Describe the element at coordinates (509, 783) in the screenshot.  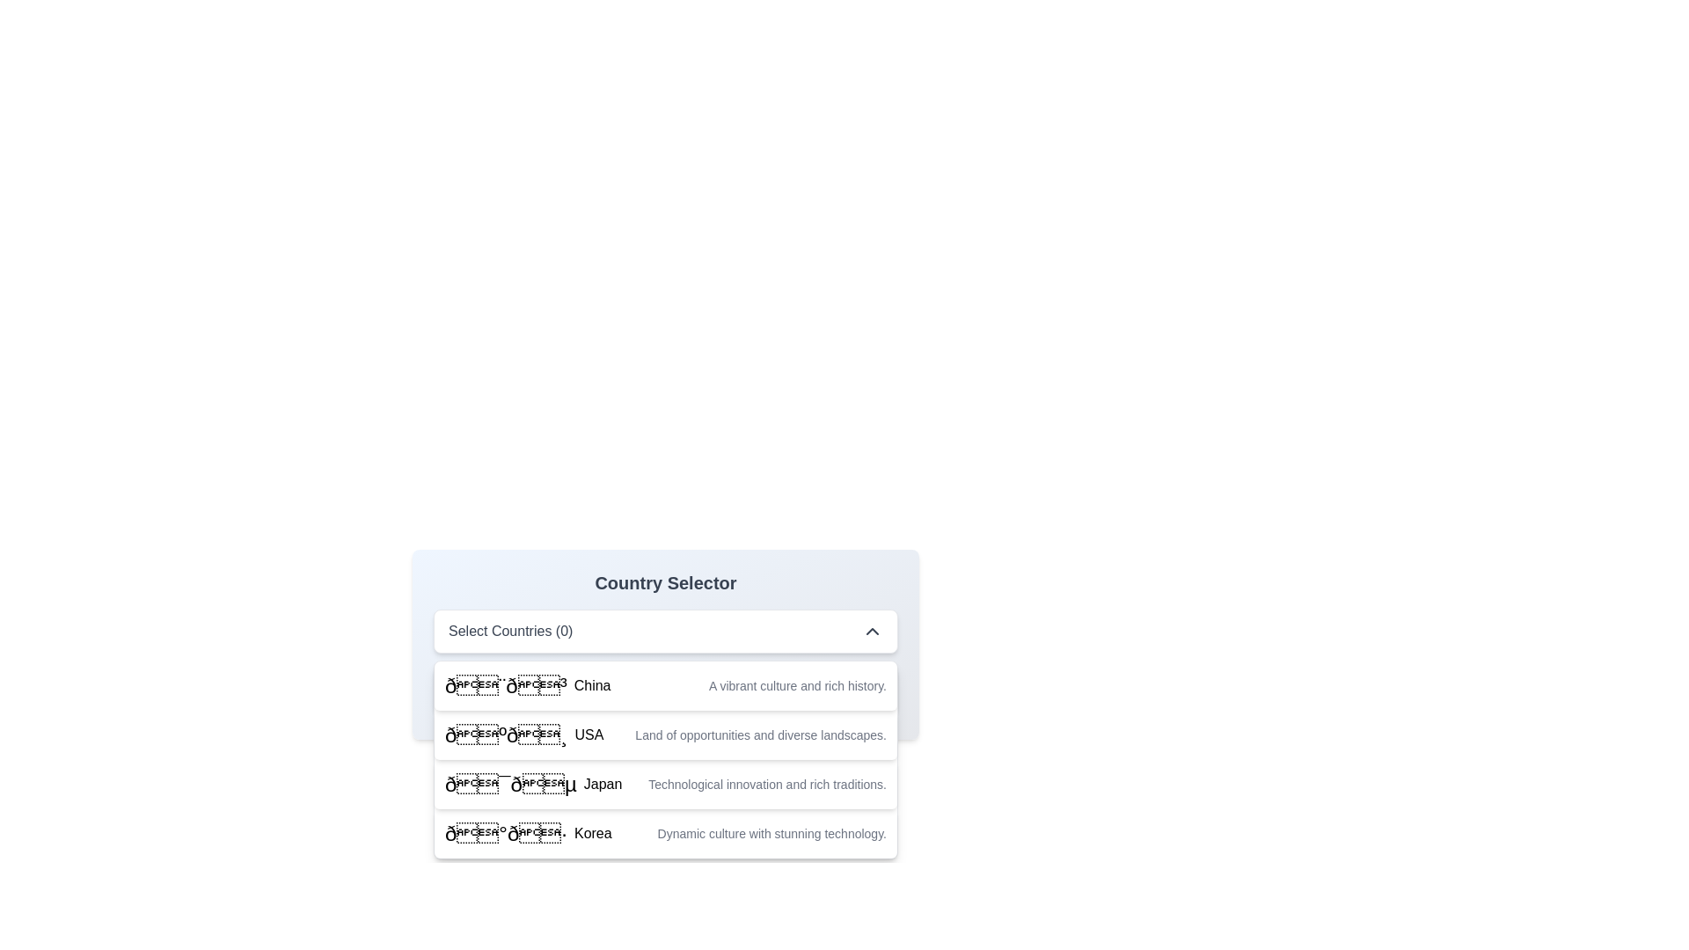
I see `the row representing 'Japan' in the 'Country Selector' dropdown list by targeting the flag icon located to the left of the word 'Japan'` at that location.